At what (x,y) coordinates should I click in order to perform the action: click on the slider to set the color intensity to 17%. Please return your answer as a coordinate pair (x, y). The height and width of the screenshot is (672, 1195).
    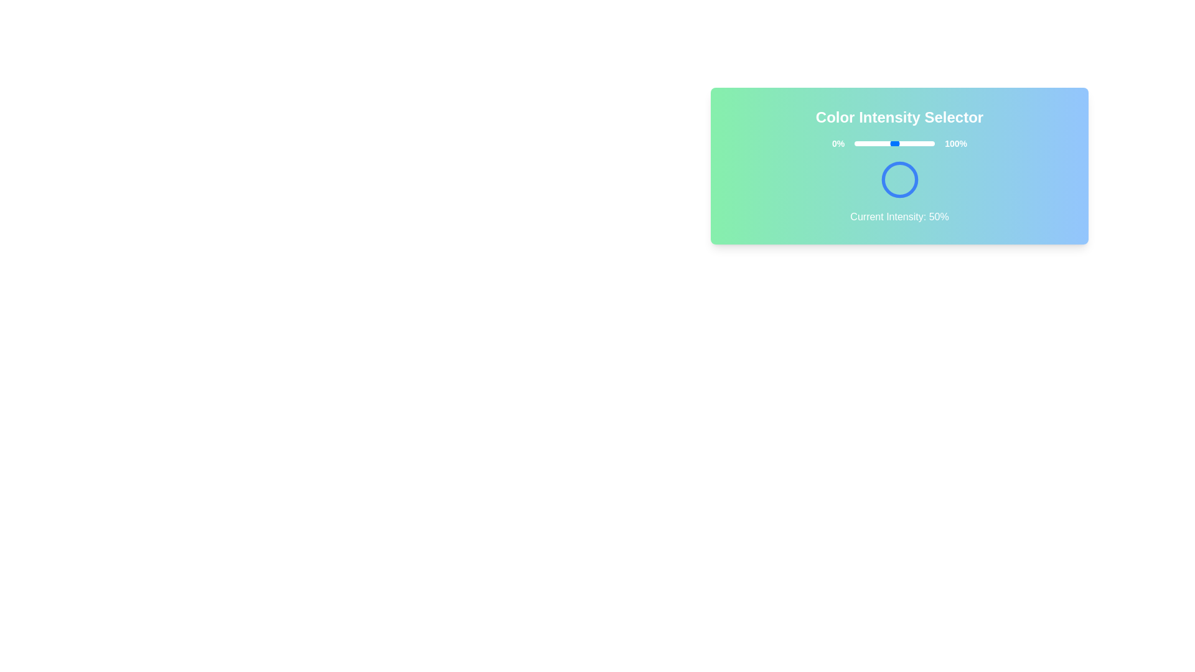
    Looking at the image, I should click on (868, 143).